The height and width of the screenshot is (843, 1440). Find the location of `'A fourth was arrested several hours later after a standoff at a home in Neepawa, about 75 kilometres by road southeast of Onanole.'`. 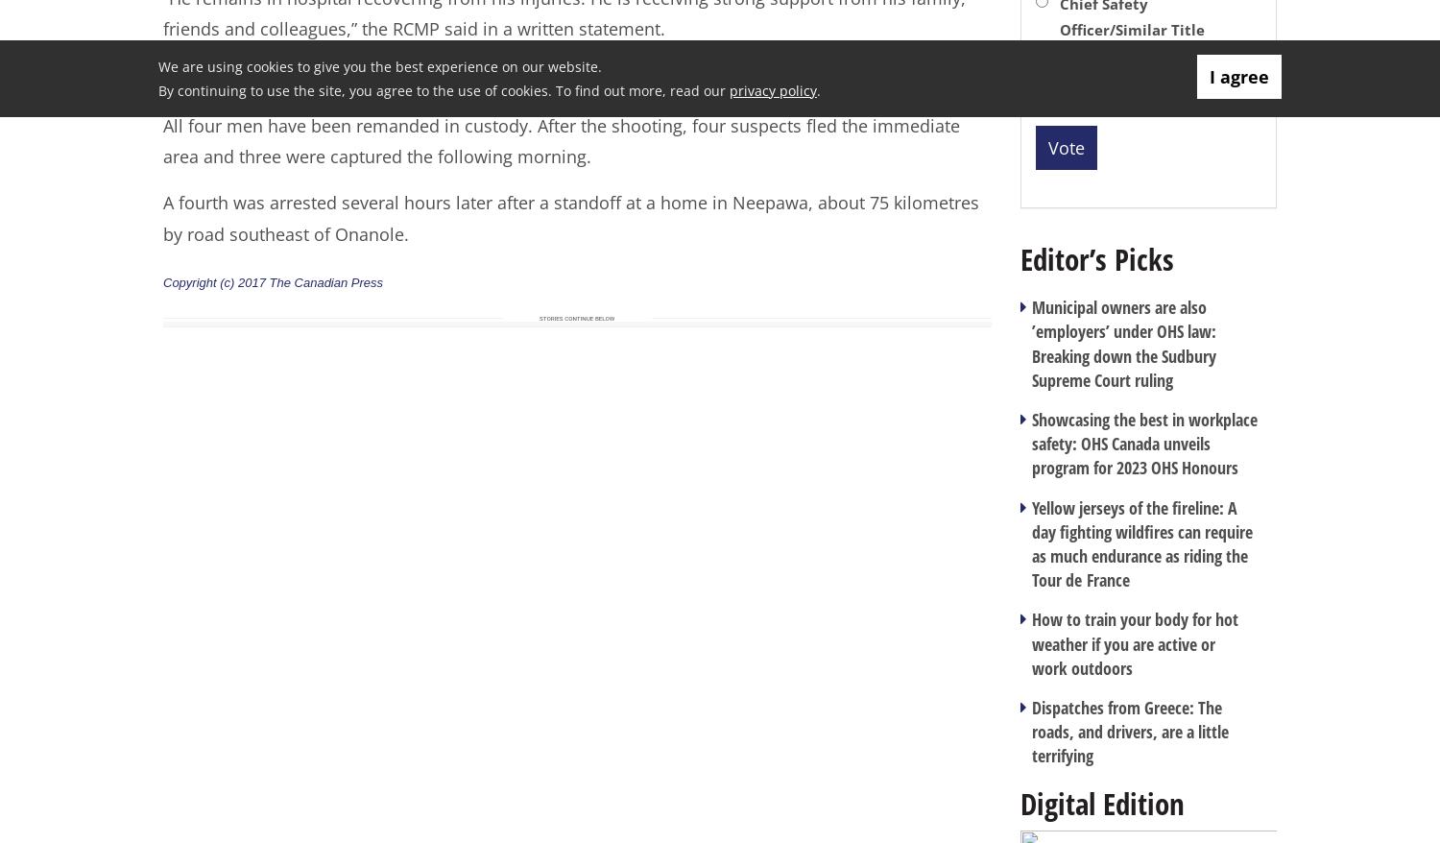

'A fourth was arrested several hours later after a standoff at a home in Neepawa, about 75 kilometres by road southeast of Onanole.' is located at coordinates (570, 217).